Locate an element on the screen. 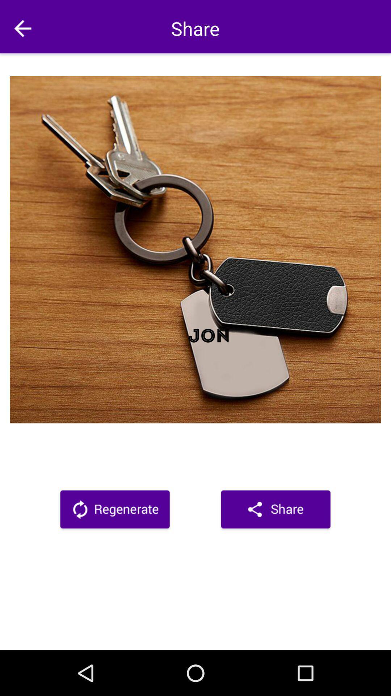 The width and height of the screenshot is (391, 696). clique para compartilhar nas redes sociais is located at coordinates (276, 510).